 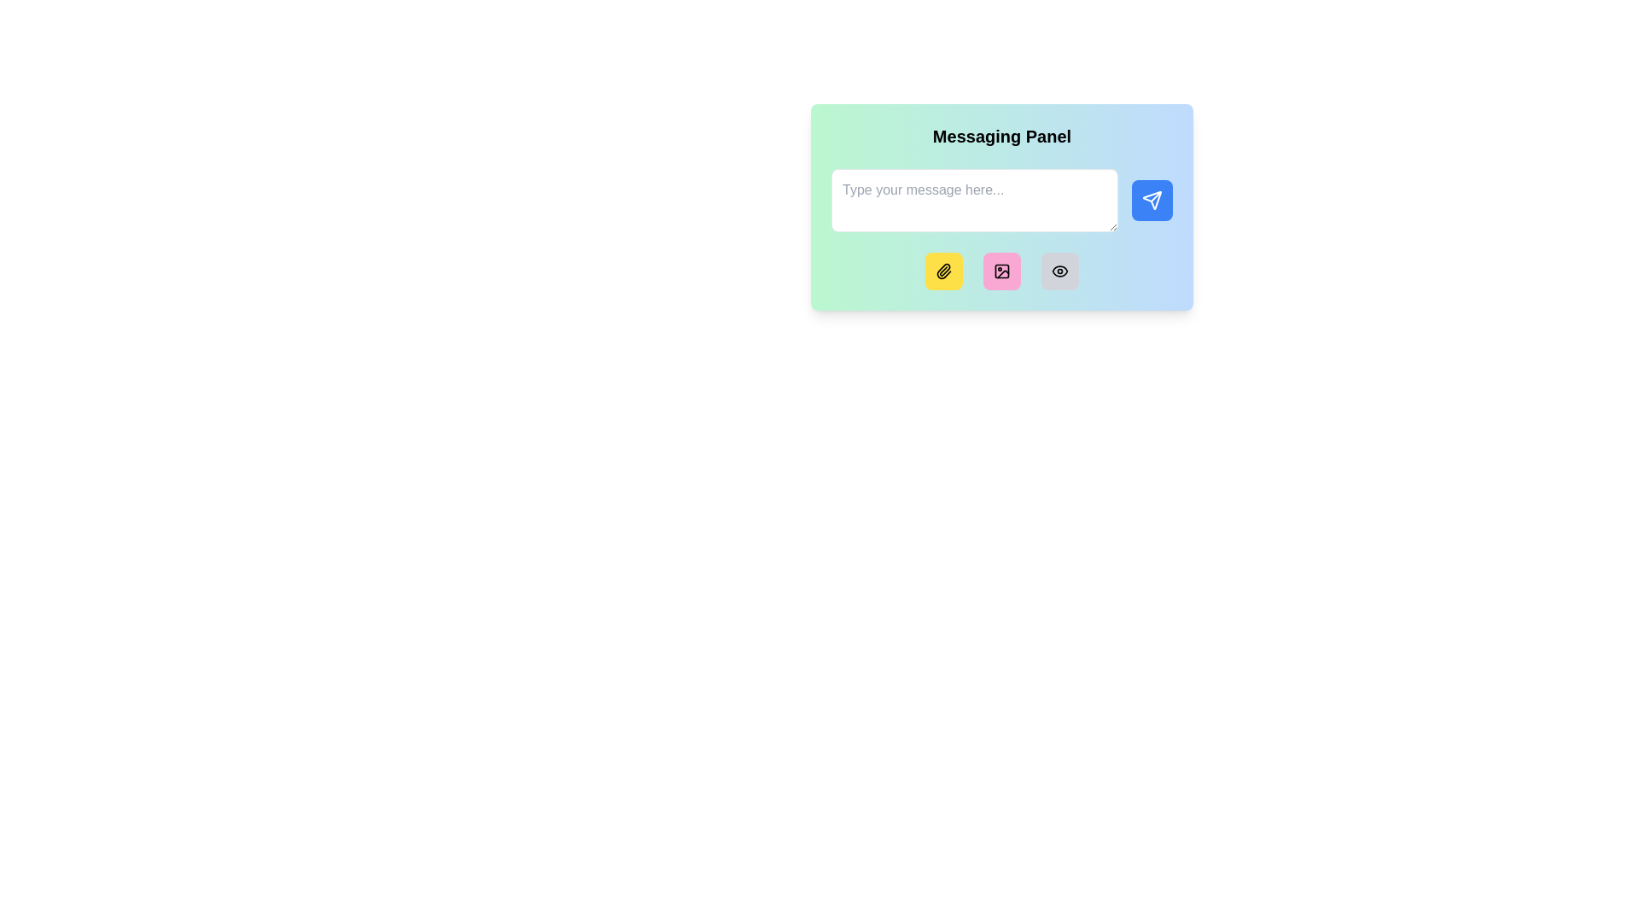 I want to click on the paper plane icon, so click(x=1152, y=200).